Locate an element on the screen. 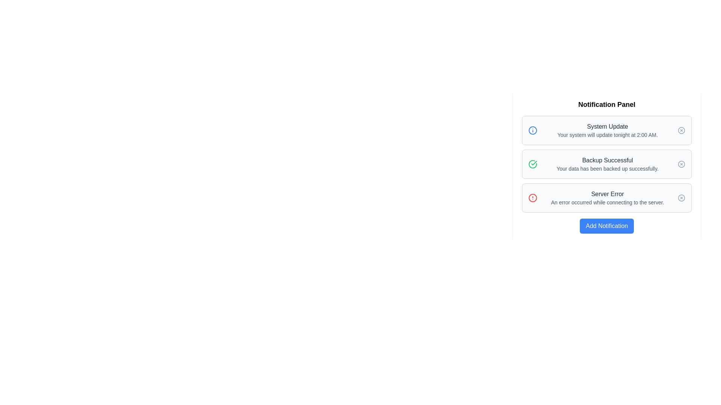 This screenshot has height=405, width=721. the dismiss button located in the top-right corner of the 'System Update' notification is located at coordinates (681, 130).